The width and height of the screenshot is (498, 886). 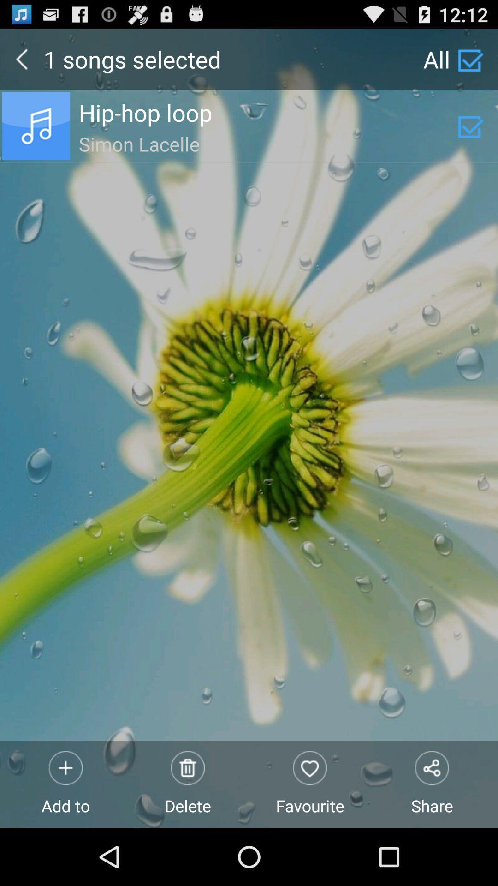 What do you see at coordinates (310, 784) in the screenshot?
I see `item to the right of the delete item` at bounding box center [310, 784].